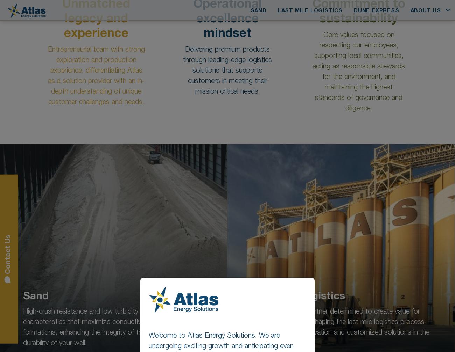  What do you see at coordinates (248, 303) in the screenshot?
I see `'310 W. Wall St. Suite 550'` at bounding box center [248, 303].